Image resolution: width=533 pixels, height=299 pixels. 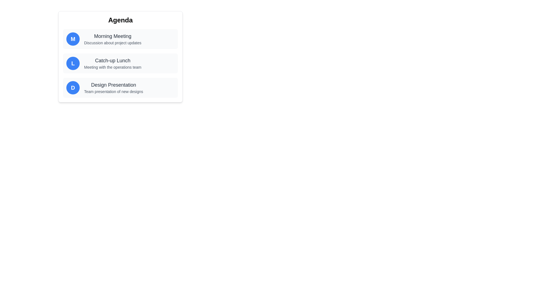 What do you see at coordinates (120, 39) in the screenshot?
I see `the first agenda item titled 'Morning Meeting'` at bounding box center [120, 39].